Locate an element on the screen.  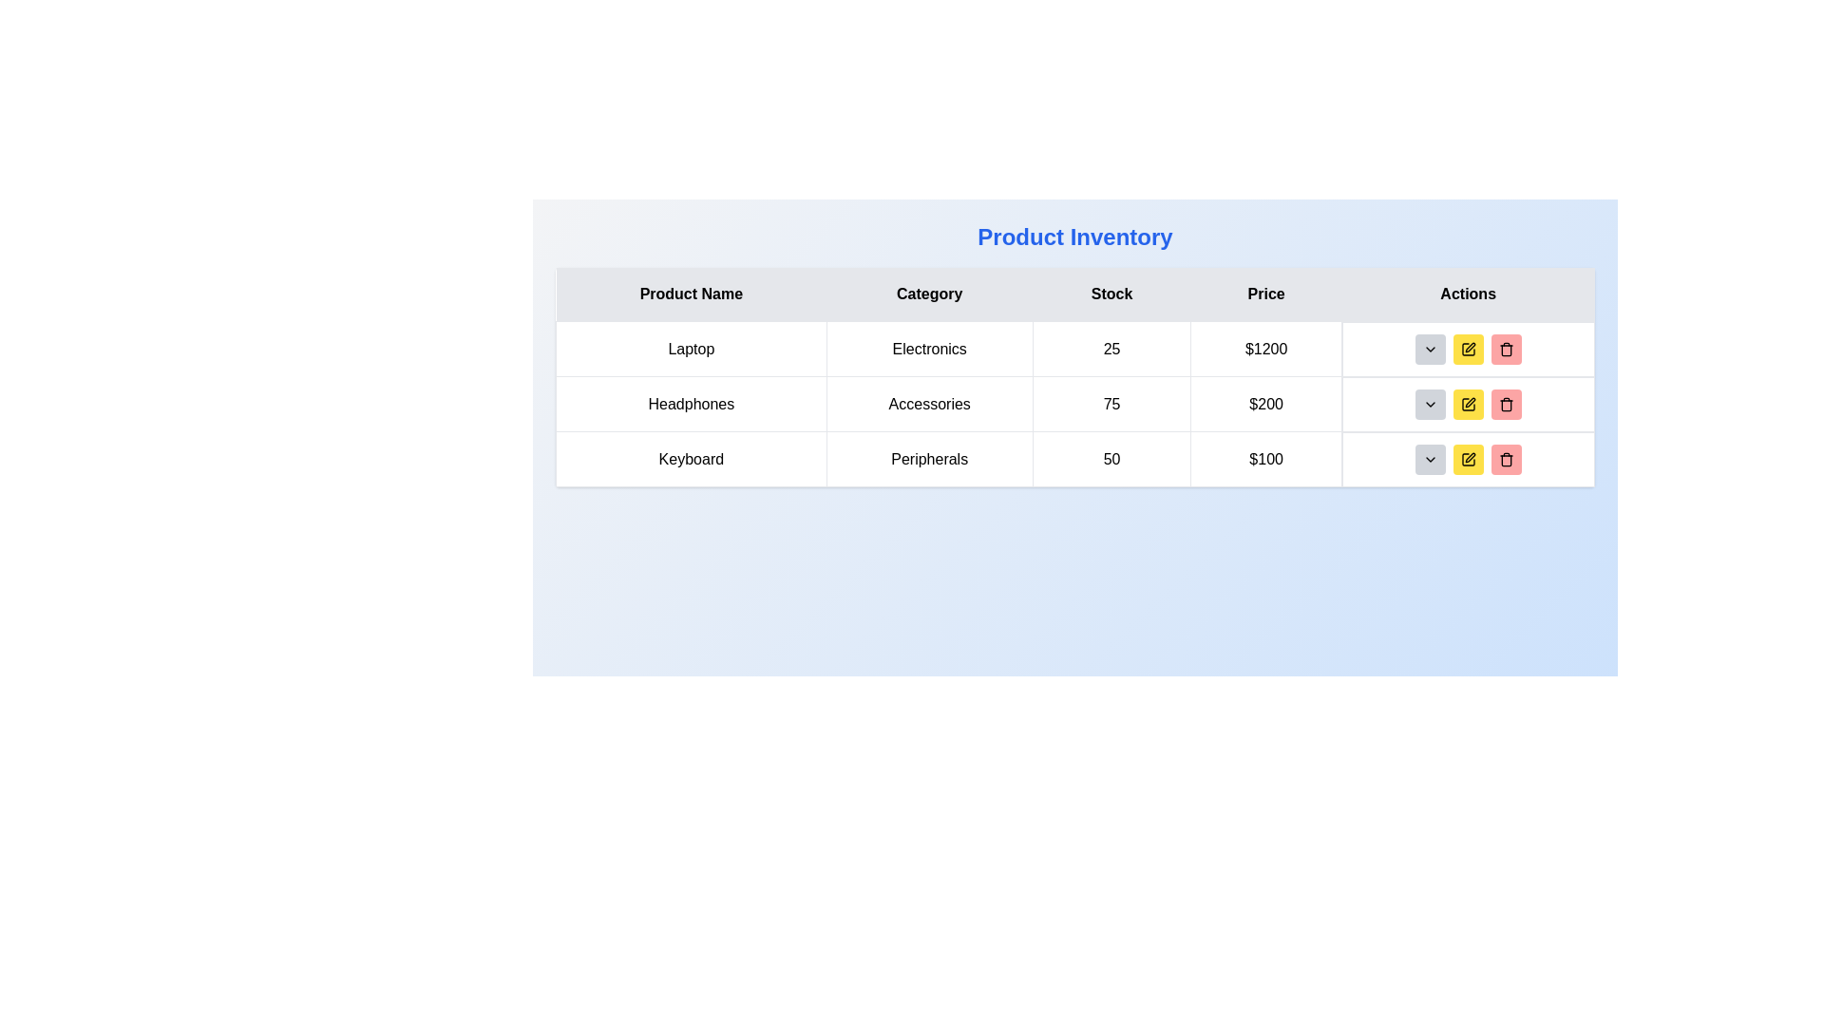
the trash can icon button in the 'Actions' column of the second row is located at coordinates (1505, 404).